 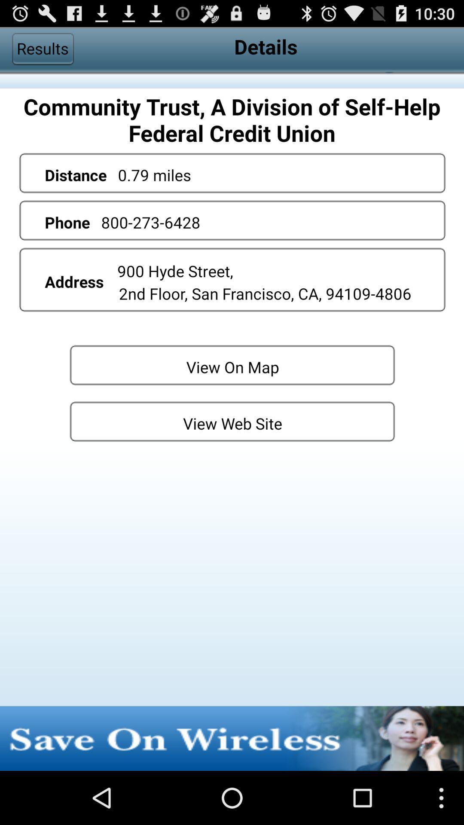 What do you see at coordinates (150, 222) in the screenshot?
I see `800-273-6428 app` at bounding box center [150, 222].